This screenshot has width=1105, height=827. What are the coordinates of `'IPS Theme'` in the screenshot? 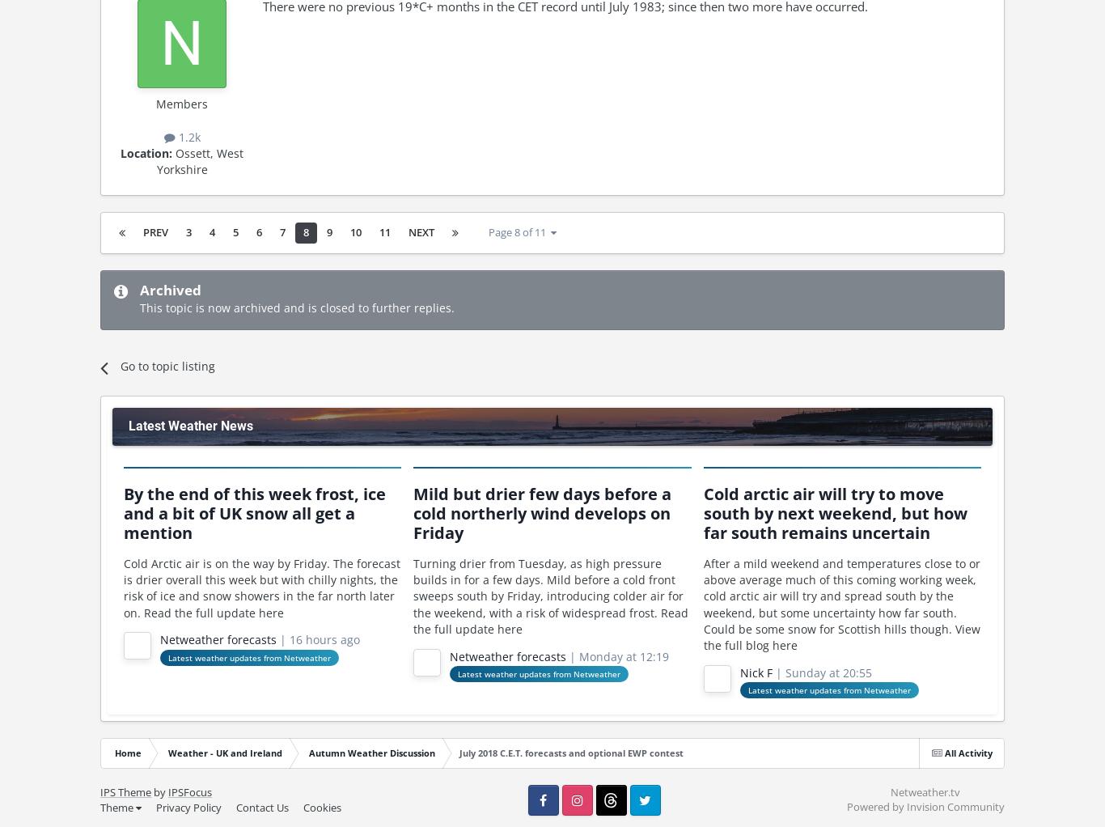 It's located at (125, 791).